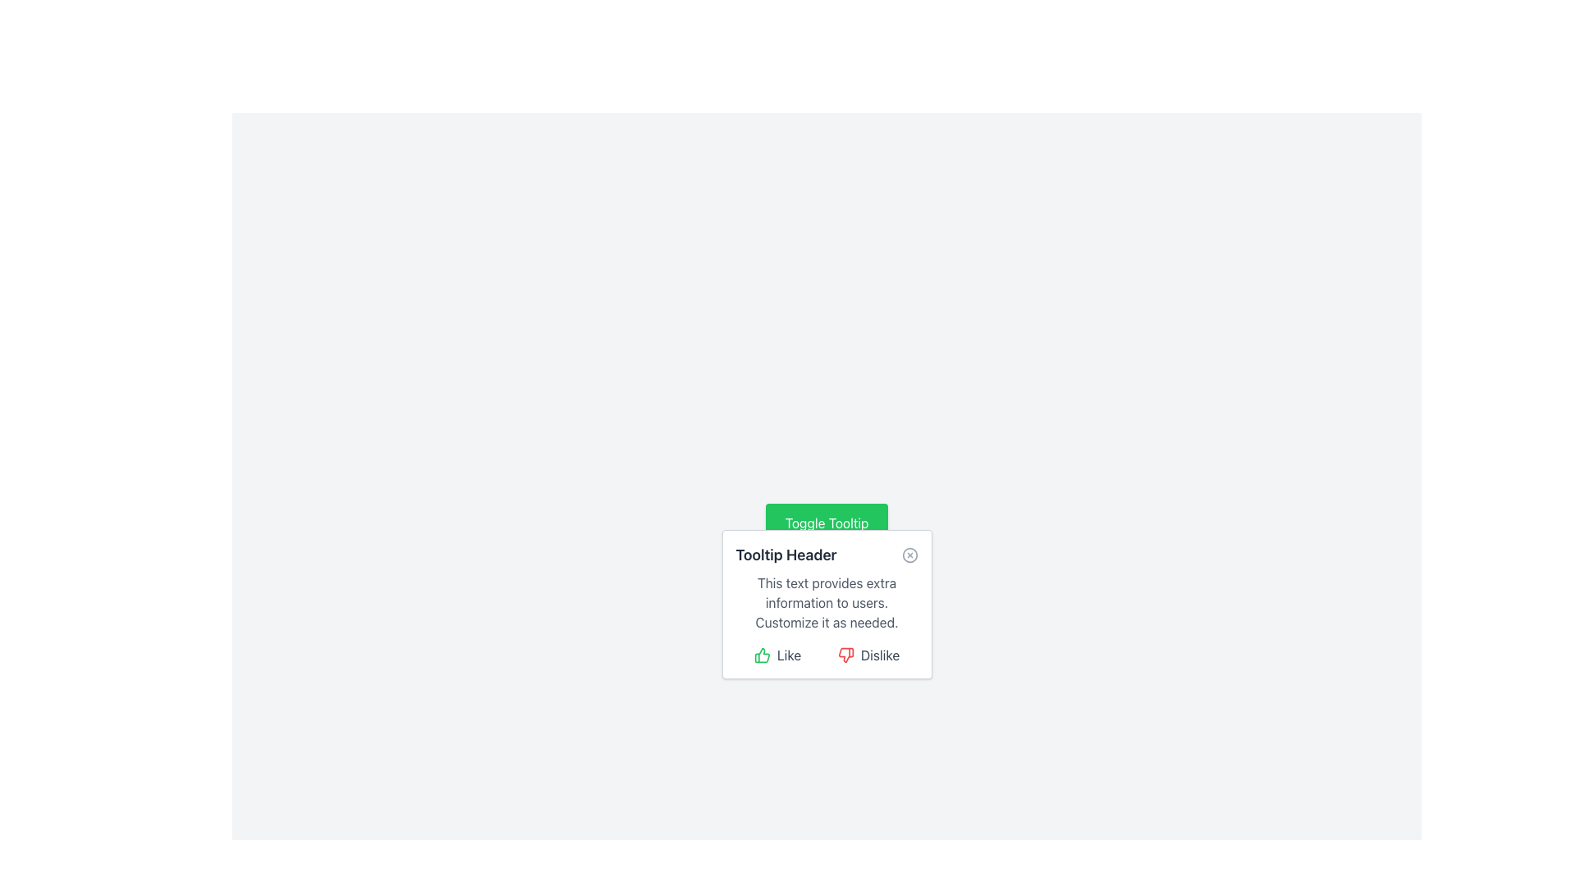  I want to click on the thumbs-up icon with a green outline, located to the left of the word 'Like' in the tooltip area beneath the 'Toggle Tooltip' section, so click(761, 654).